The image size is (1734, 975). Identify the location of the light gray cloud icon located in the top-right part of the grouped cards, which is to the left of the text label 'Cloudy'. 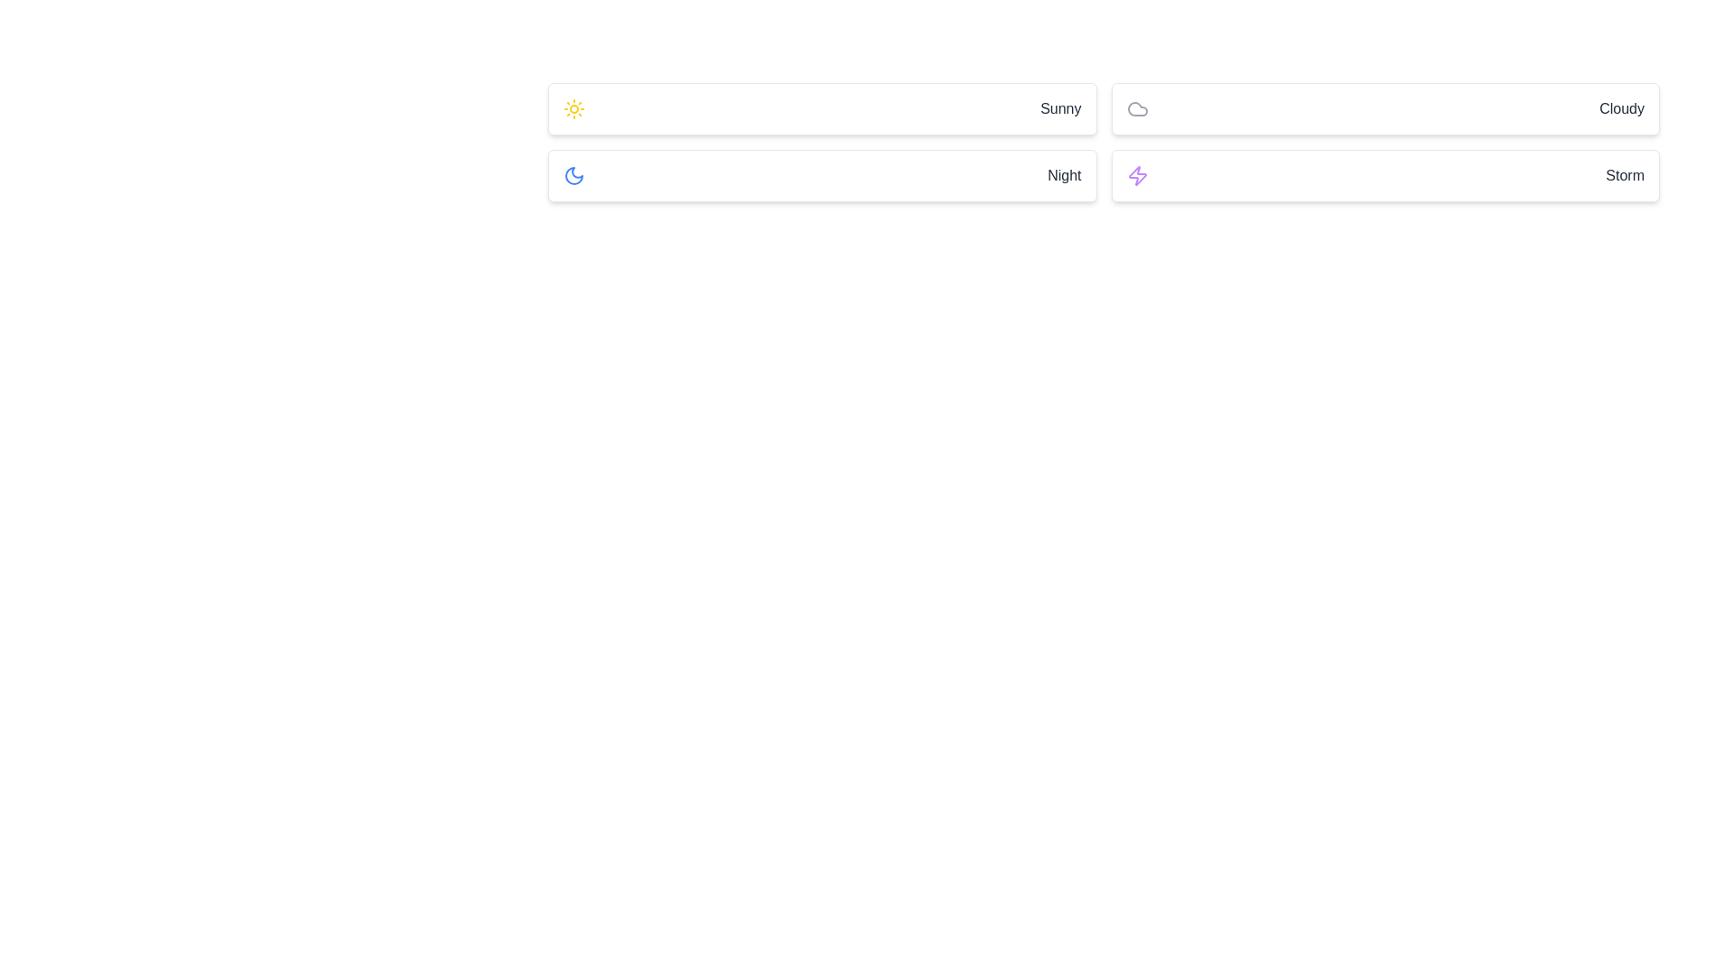
(1136, 108).